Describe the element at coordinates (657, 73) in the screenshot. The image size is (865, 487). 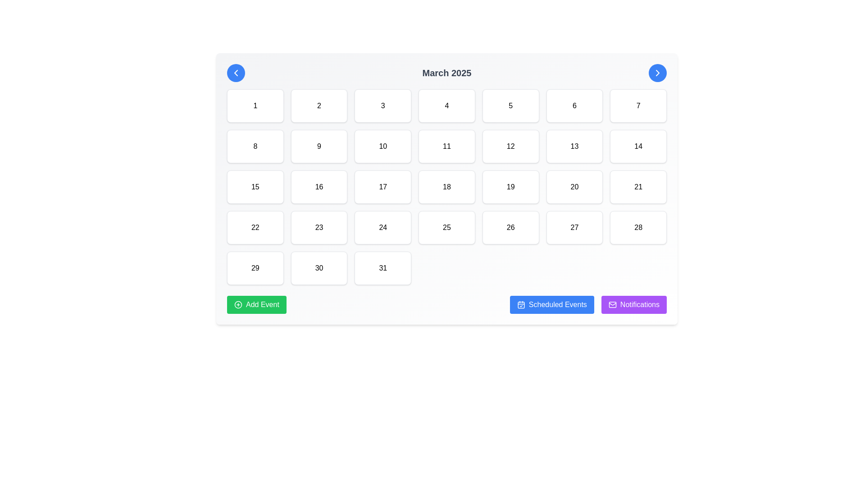
I see `the Chevron icon located in the blue circular button at the top-right corner above the calendar` at that location.